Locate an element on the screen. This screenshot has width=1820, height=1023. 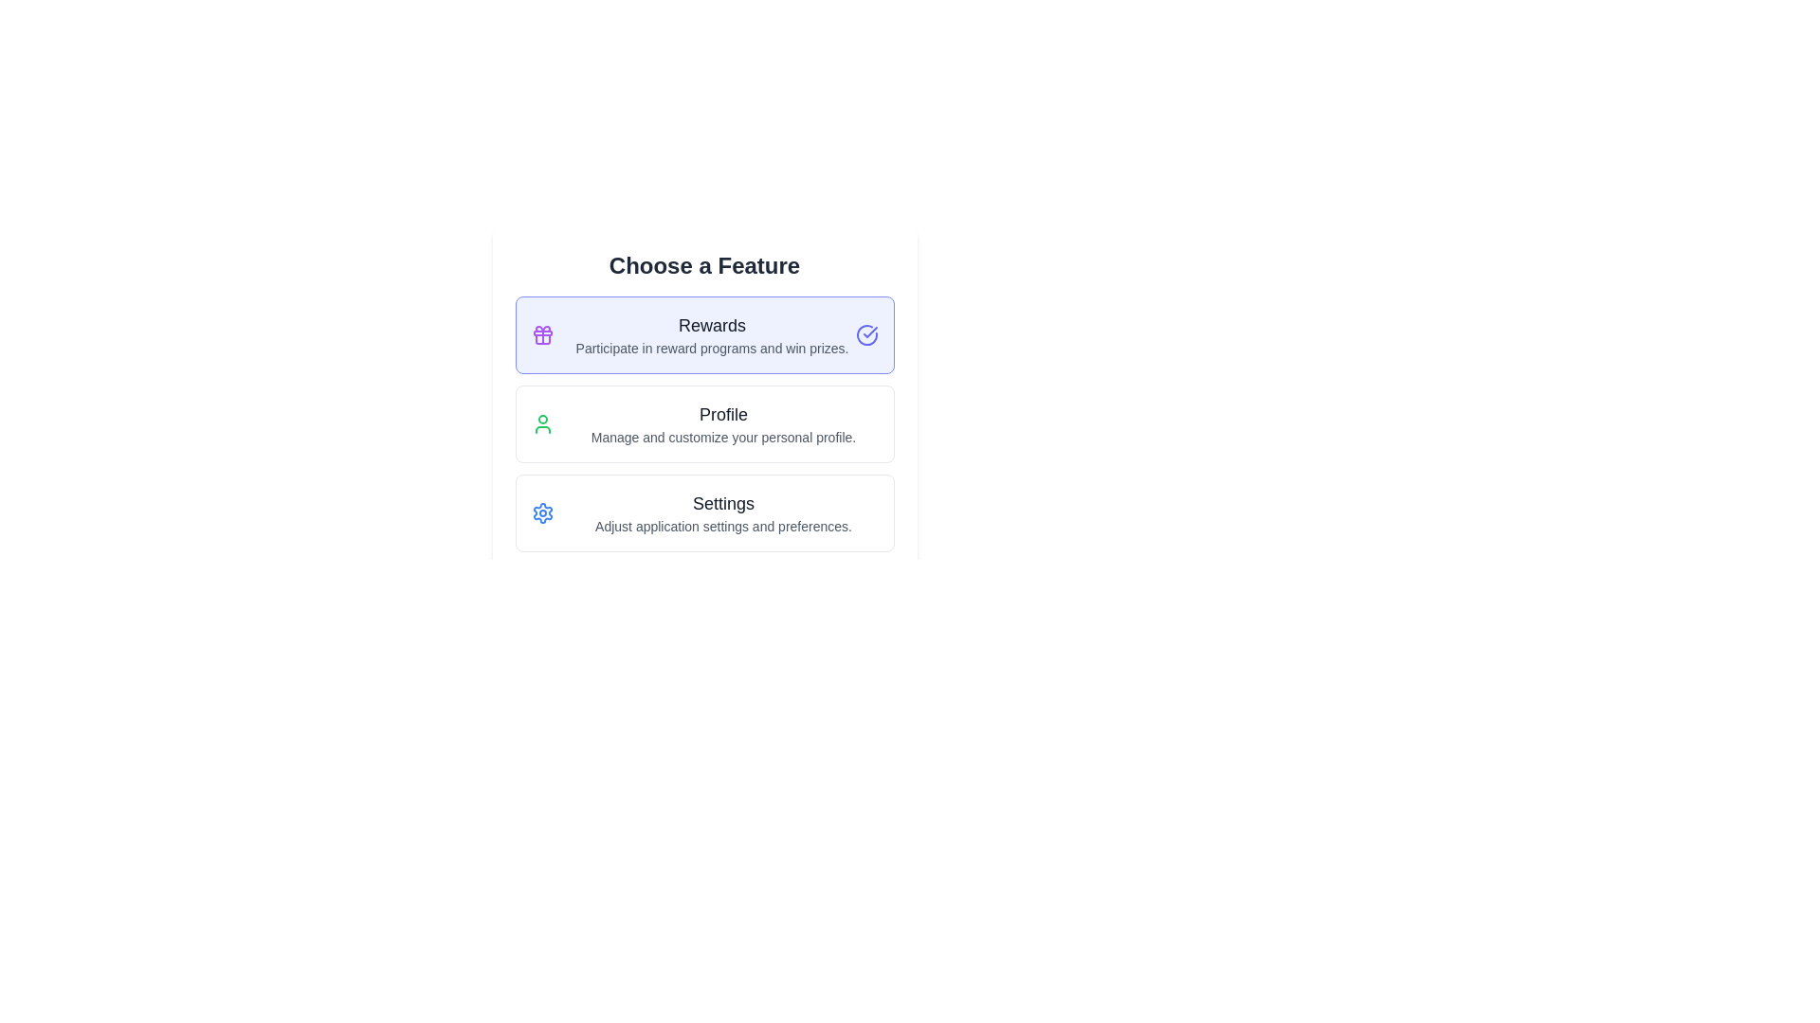
the Text block that provides a brief description related to the 'Rewards' section, located below the header 'Rewards' within a card-like section is located at coordinates (711, 348).